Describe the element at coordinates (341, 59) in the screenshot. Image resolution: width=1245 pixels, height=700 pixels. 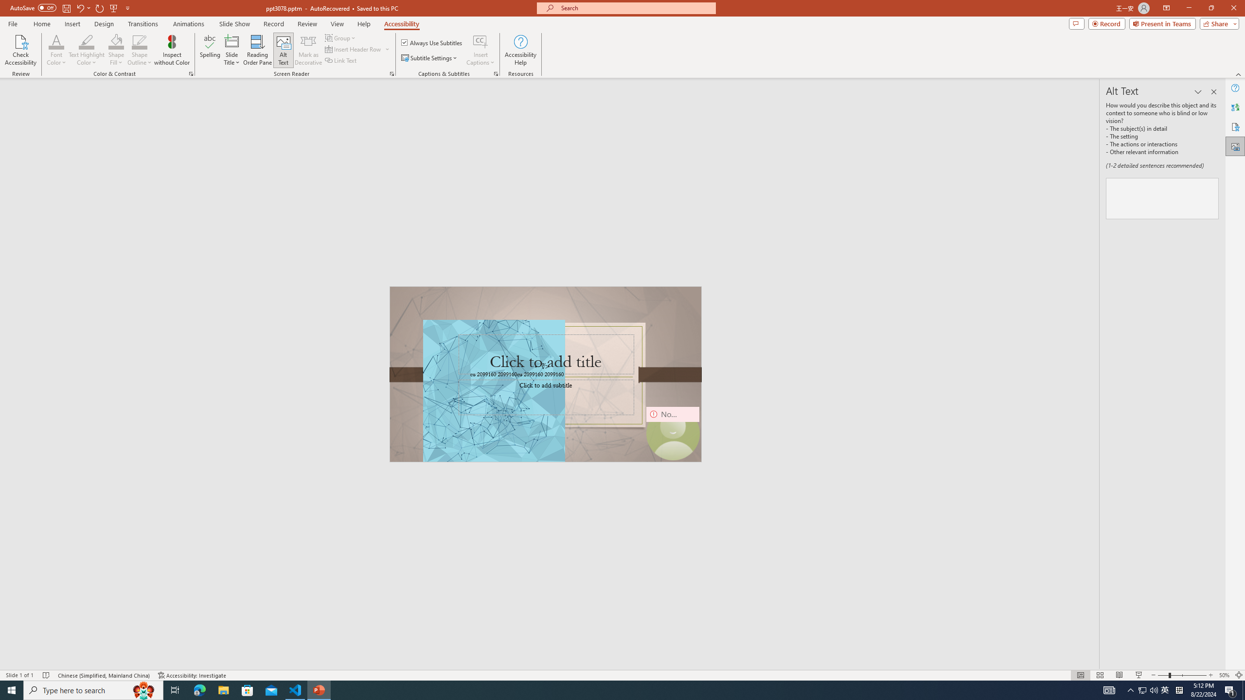
I see `'Link Text'` at that location.